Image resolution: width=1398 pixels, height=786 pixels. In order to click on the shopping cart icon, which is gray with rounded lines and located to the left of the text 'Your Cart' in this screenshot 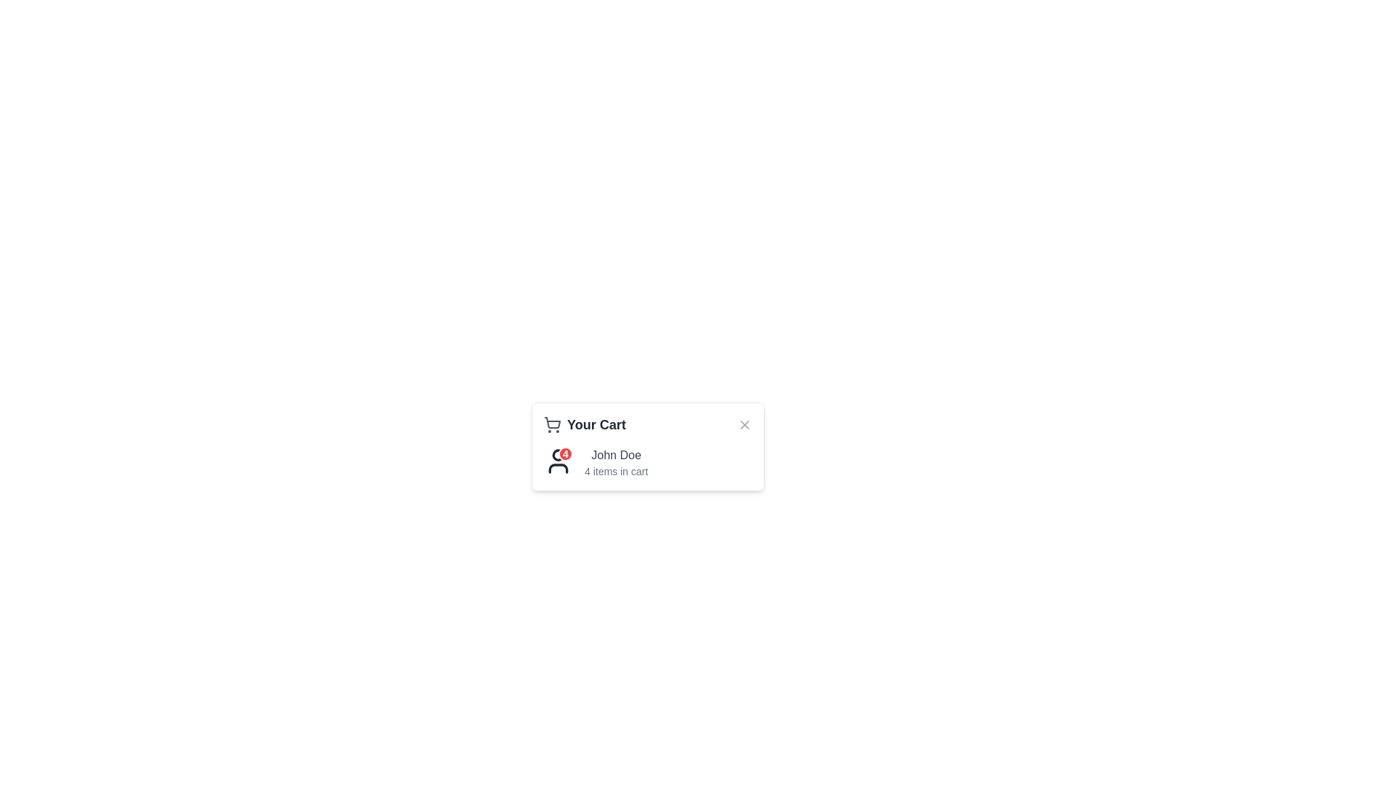, I will do `click(551, 424)`.